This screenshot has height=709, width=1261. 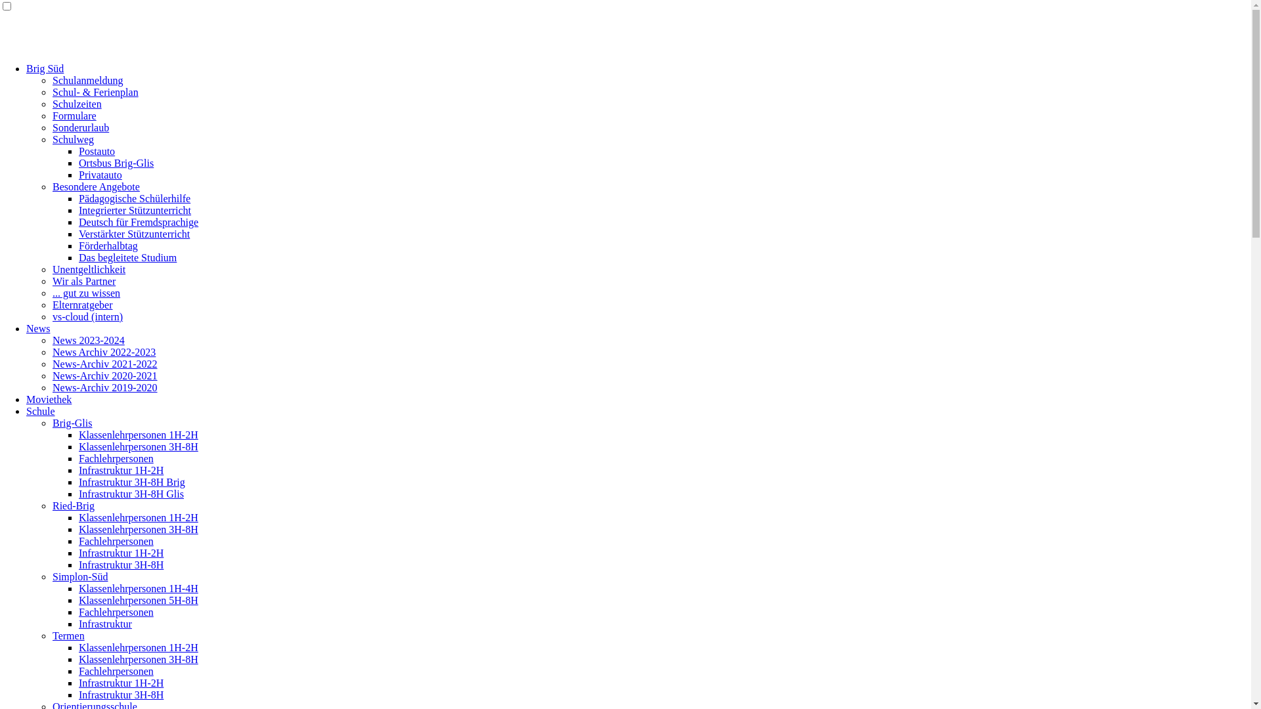 What do you see at coordinates (37, 328) in the screenshot?
I see `'News'` at bounding box center [37, 328].